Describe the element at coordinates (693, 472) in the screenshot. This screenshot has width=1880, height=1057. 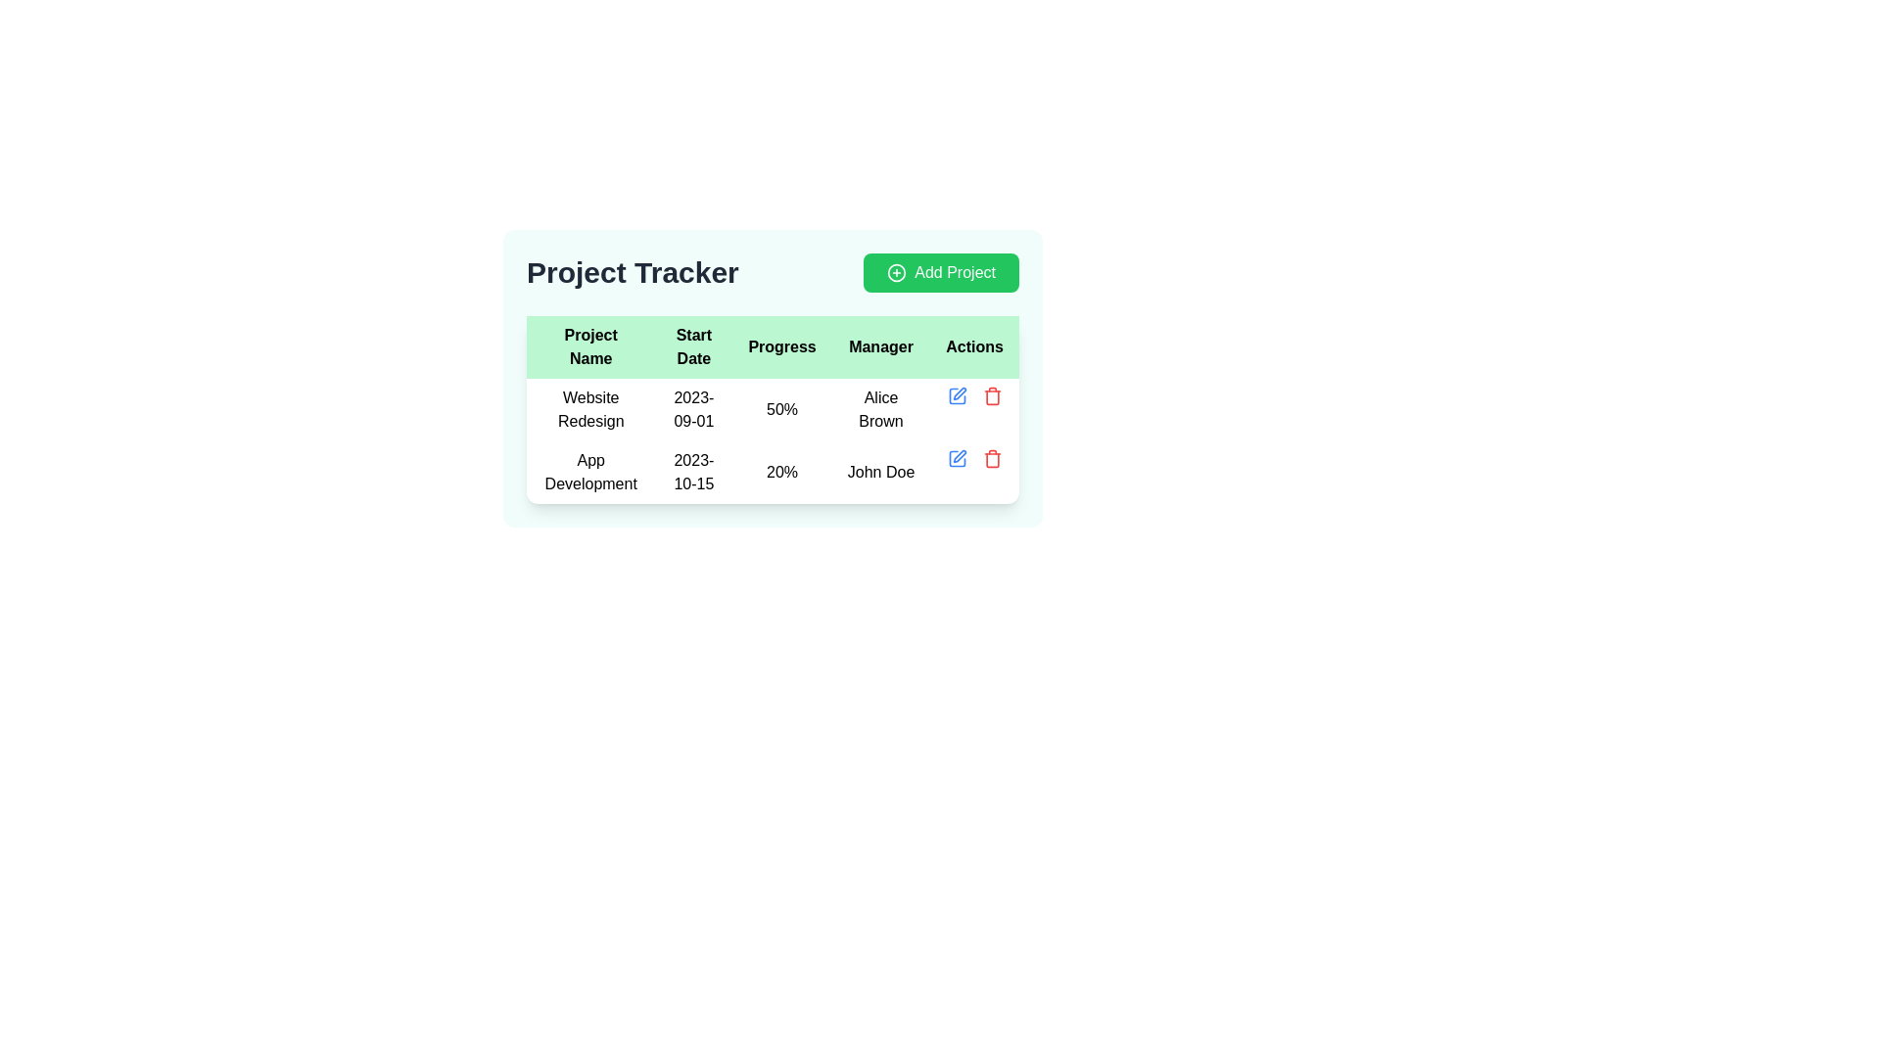
I see `the label displaying the start date of the project, which is located between 'App Development' and '20%' in the table structure` at that location.